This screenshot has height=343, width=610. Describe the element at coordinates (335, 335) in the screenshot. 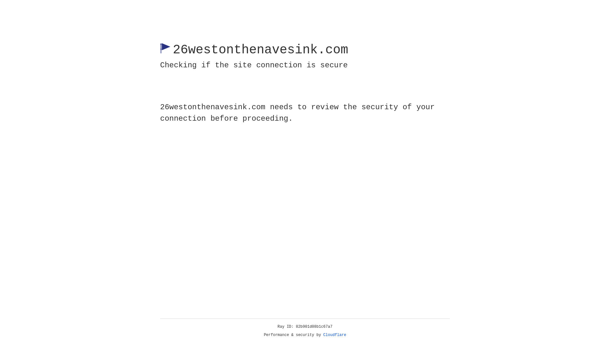

I see `'Cloudflare'` at that location.